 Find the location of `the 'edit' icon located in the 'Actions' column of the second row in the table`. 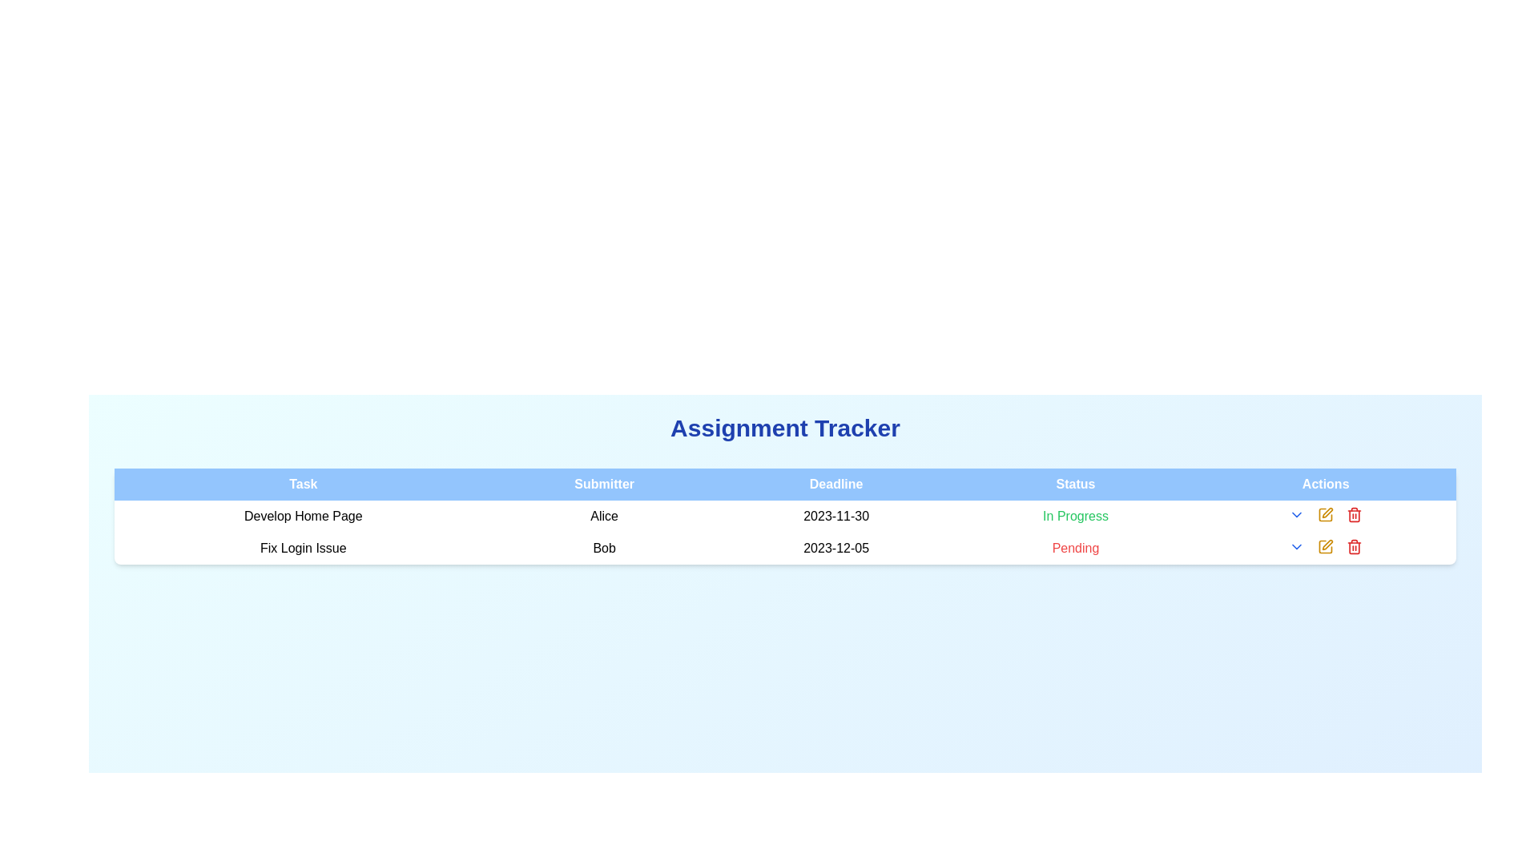

the 'edit' icon located in the 'Actions' column of the second row in the table is located at coordinates (1327, 513).